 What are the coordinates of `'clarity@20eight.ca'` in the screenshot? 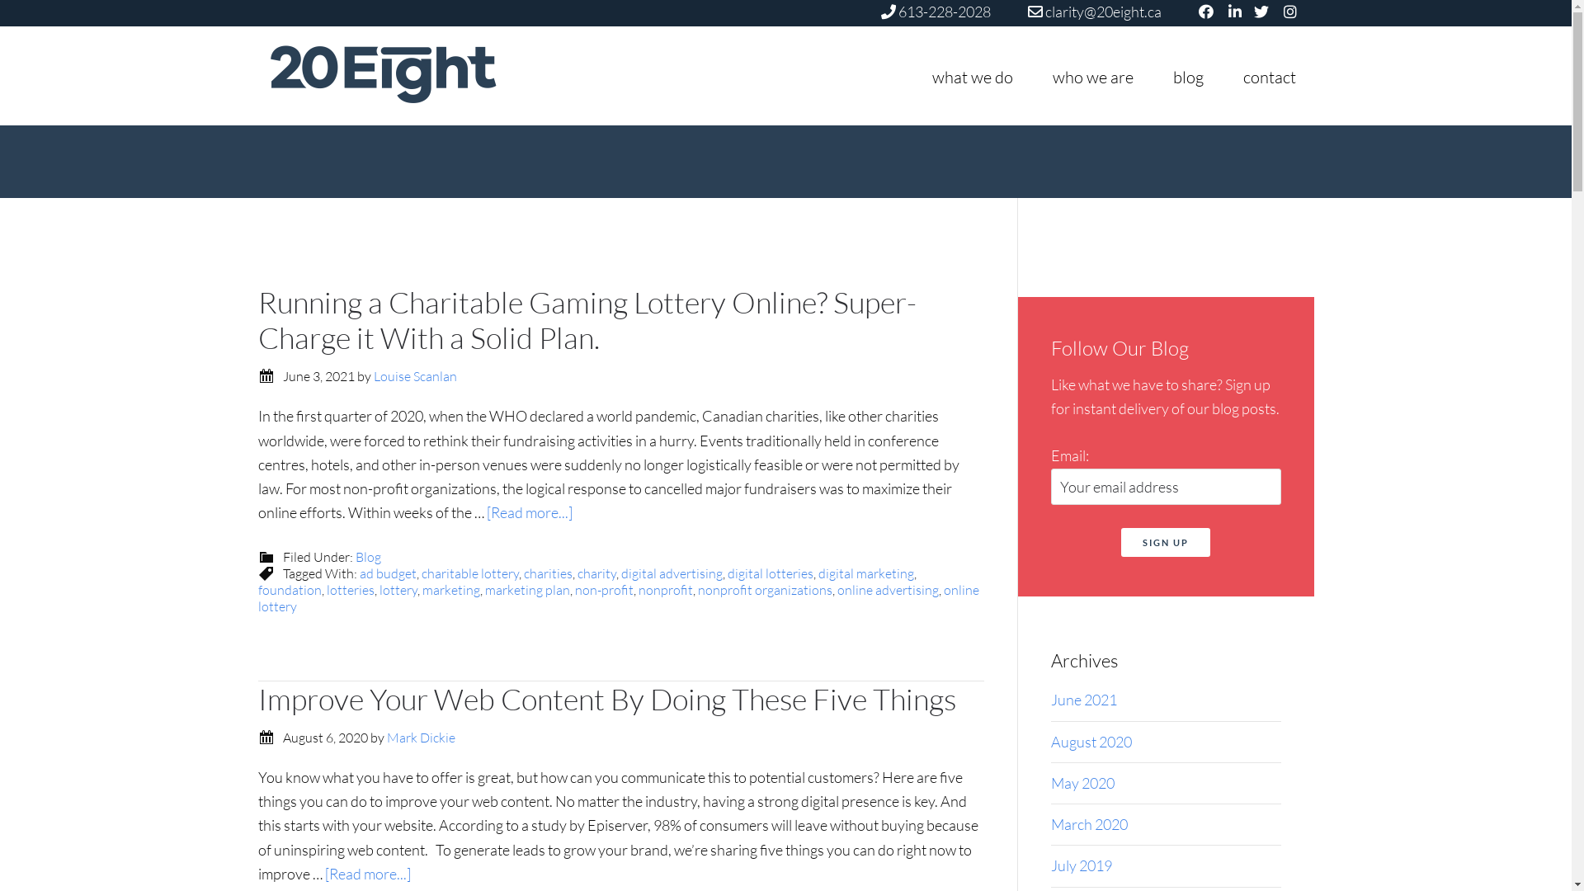 It's located at (1094, 12).